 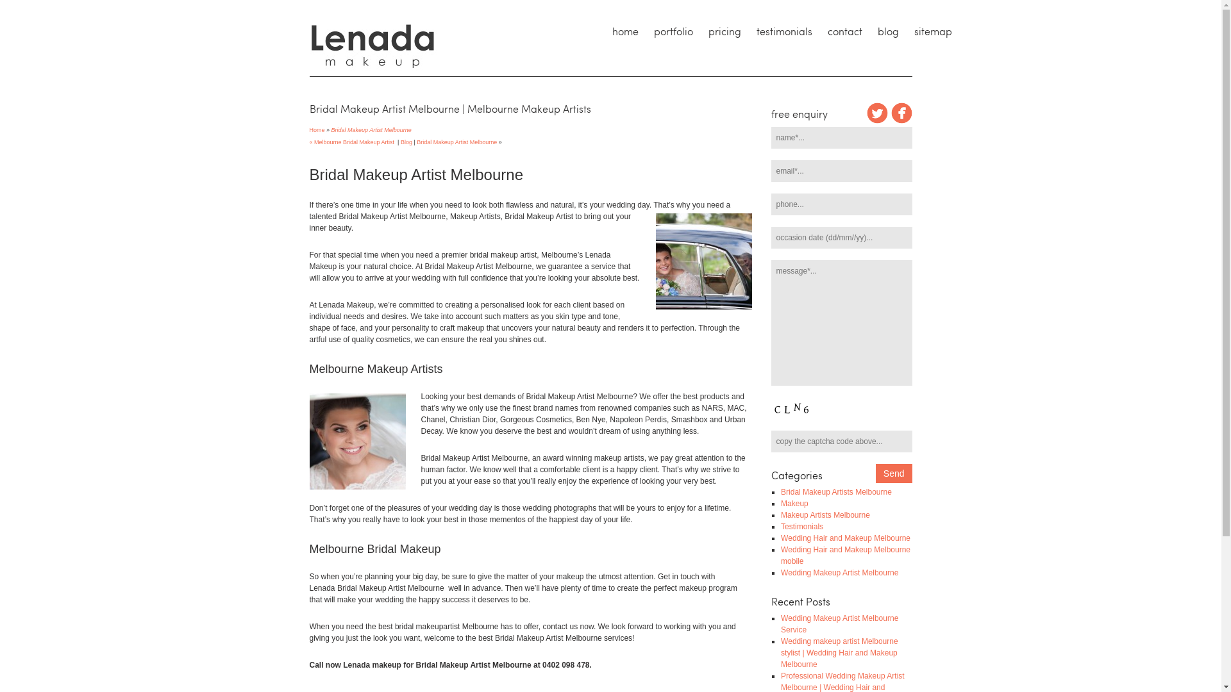 I want to click on 'Wedding Makeup Artist Melbourne Service', so click(x=839, y=623).